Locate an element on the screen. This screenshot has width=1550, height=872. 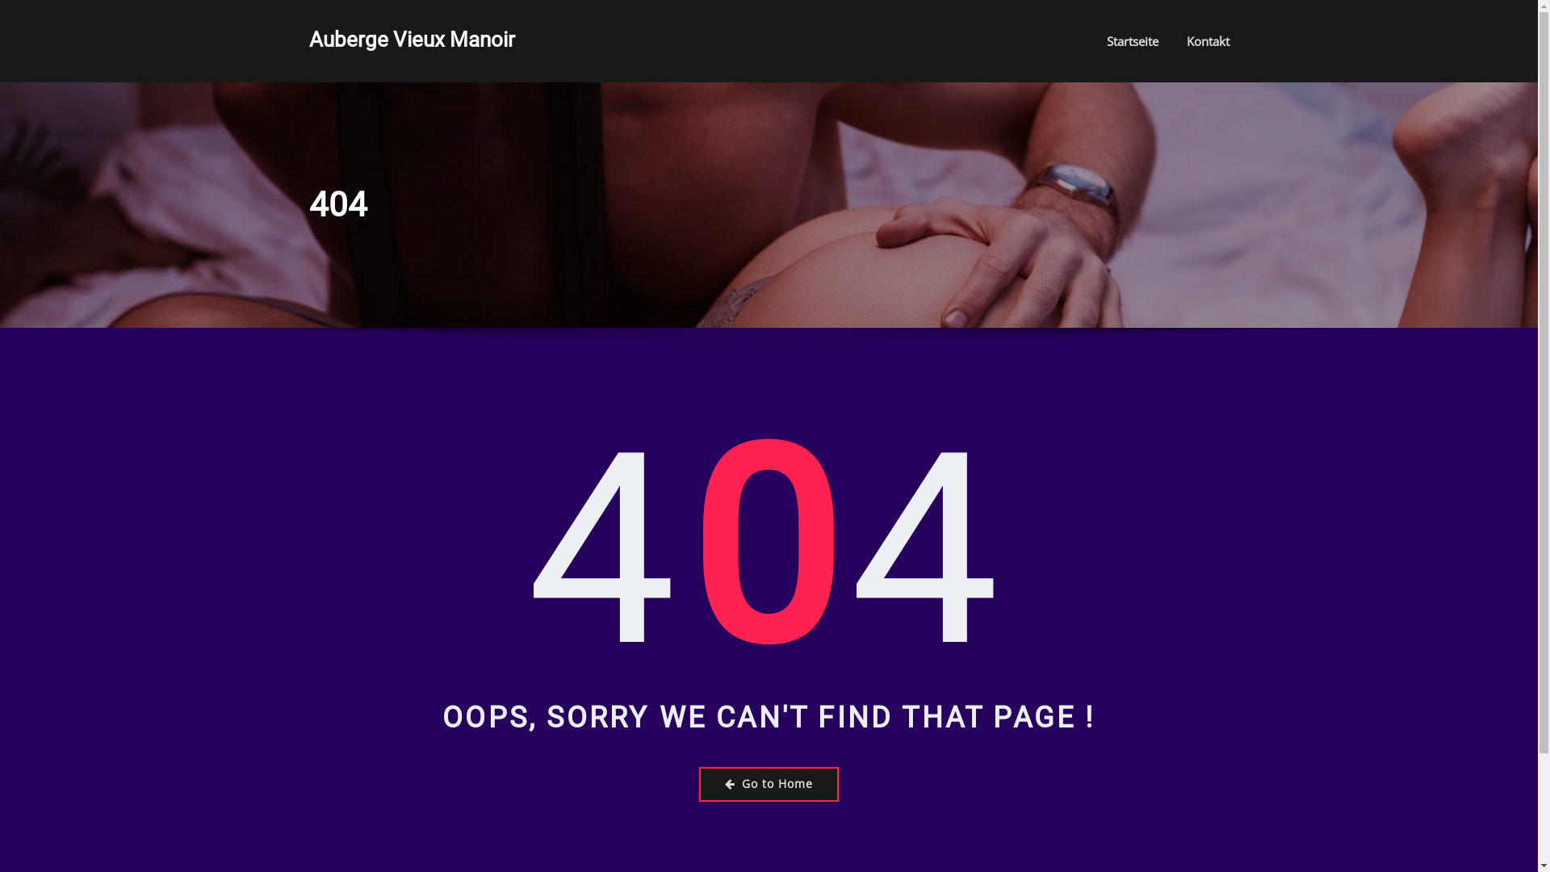
'Startseite' is located at coordinates (1130, 40).